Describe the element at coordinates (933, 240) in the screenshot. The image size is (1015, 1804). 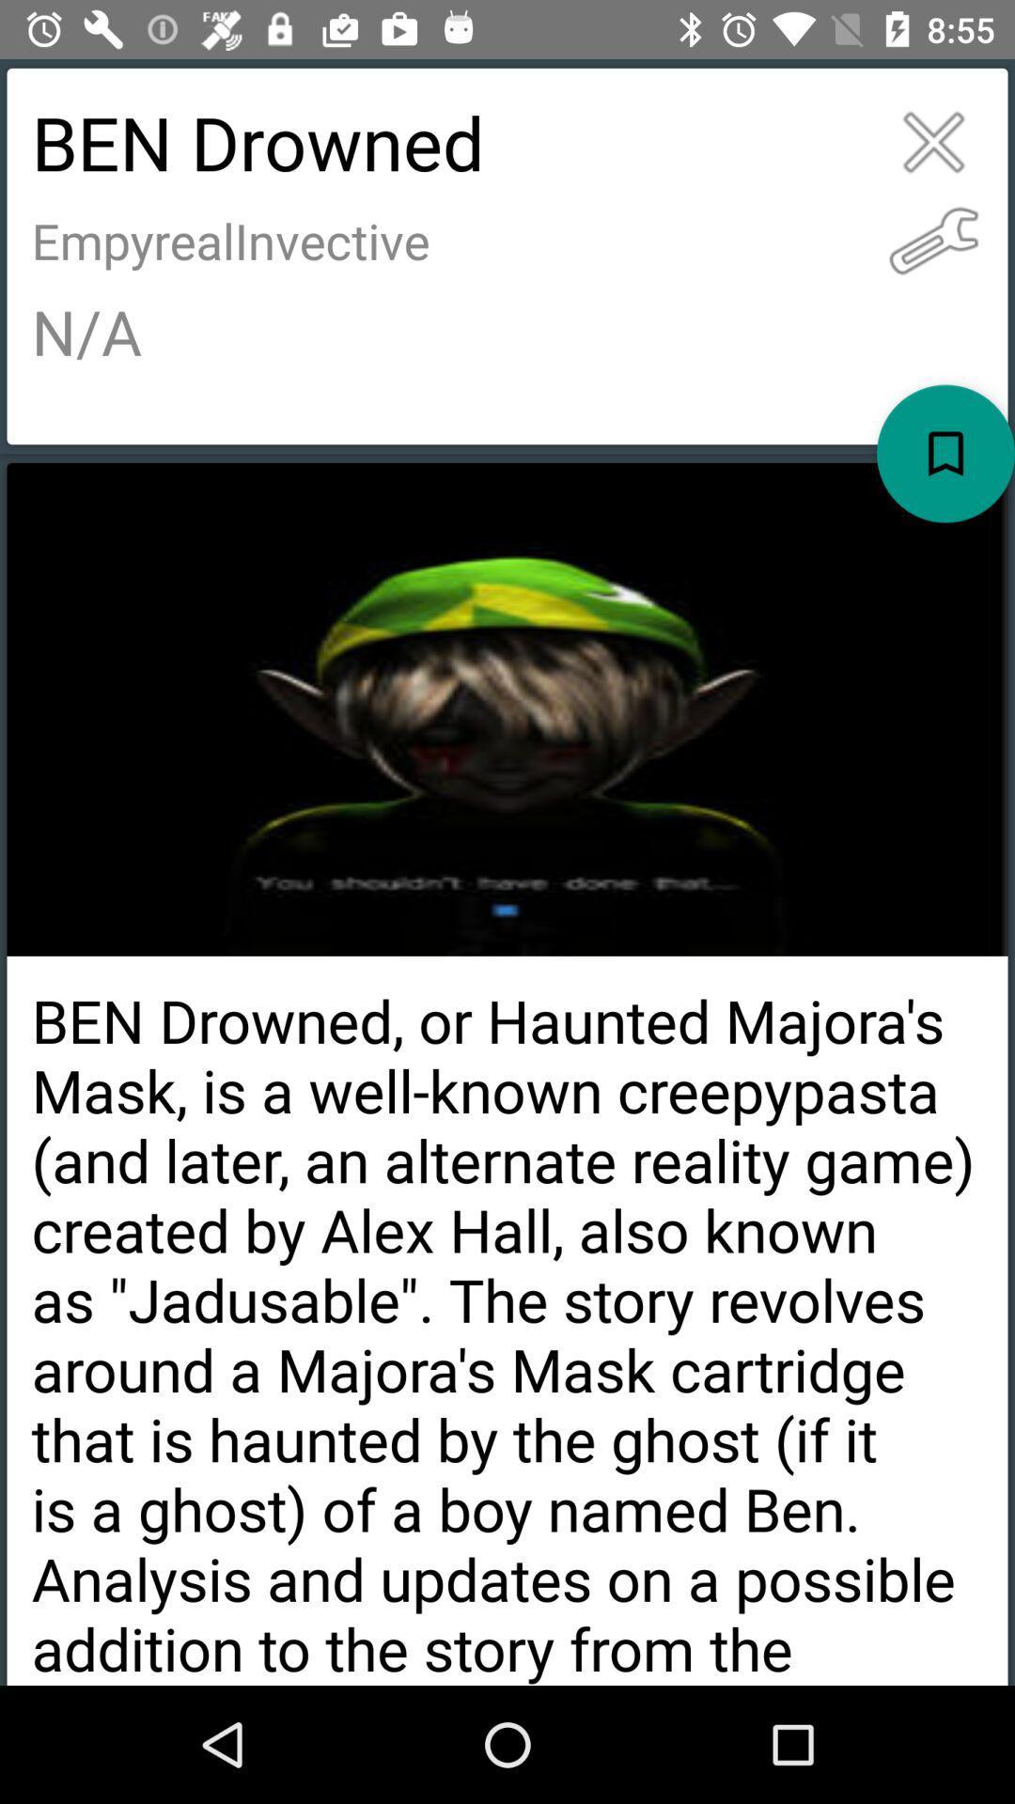
I see `the item next to ben drowned icon` at that location.